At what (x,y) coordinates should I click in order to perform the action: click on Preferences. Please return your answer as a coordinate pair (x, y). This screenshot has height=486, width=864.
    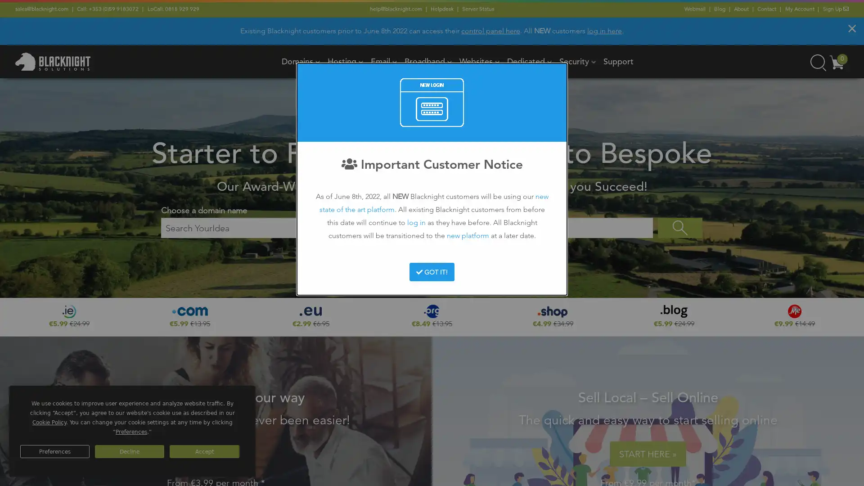
    Looking at the image, I should click on (54, 451).